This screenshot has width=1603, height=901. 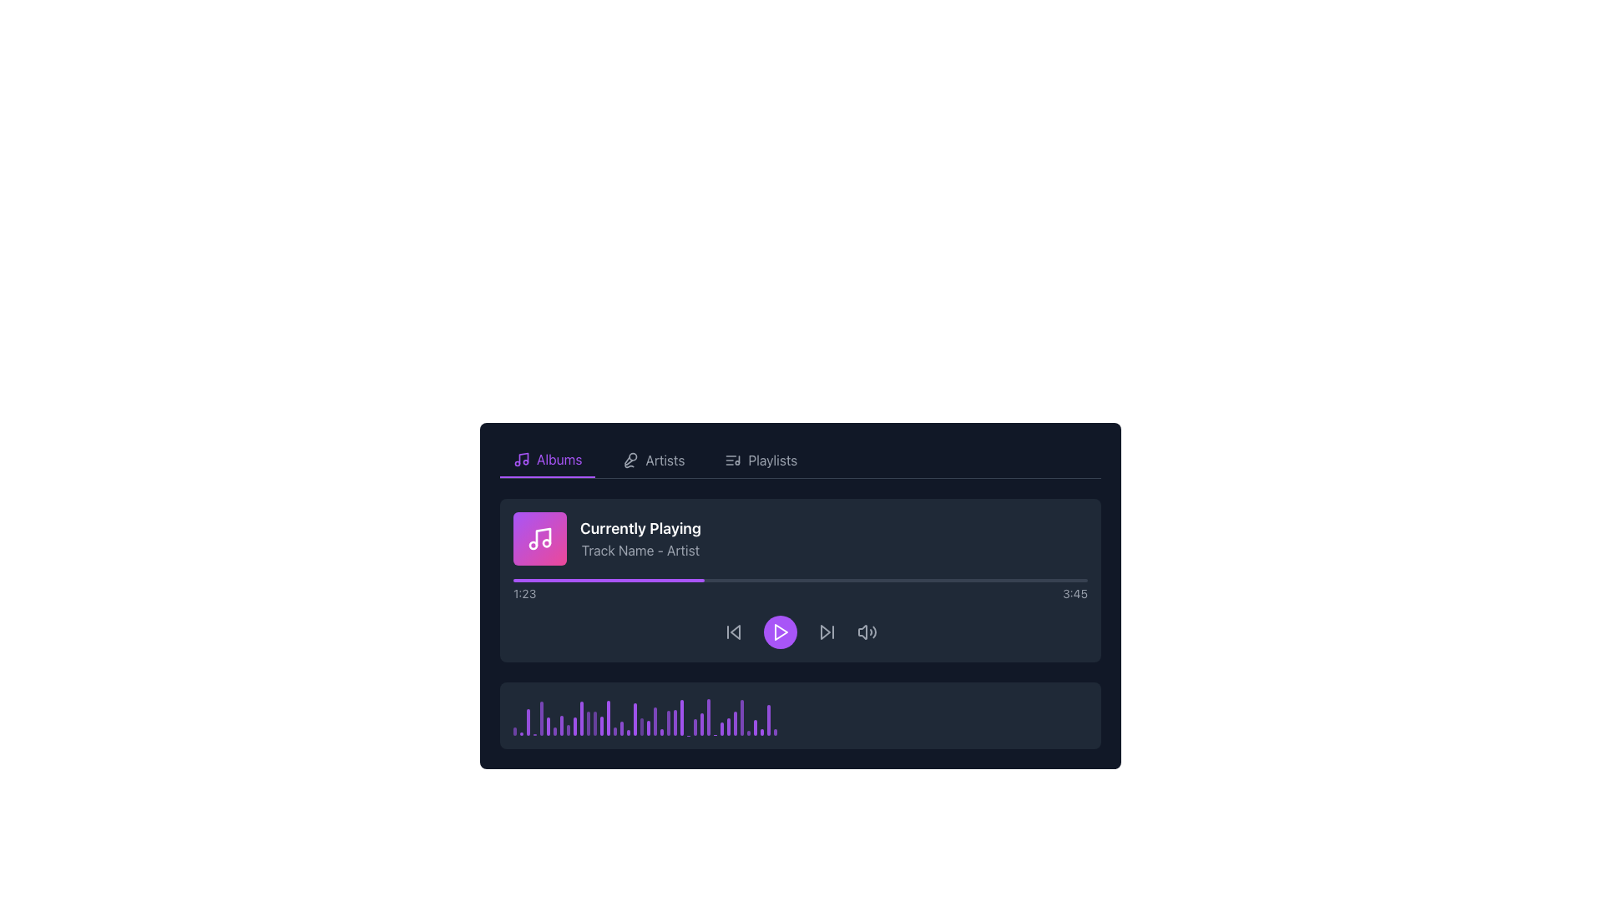 I want to click on the horizontal progress bar located below the 'Currently Playing' section, which features a purple filled section and textual indicators of time, so click(x=800, y=590).